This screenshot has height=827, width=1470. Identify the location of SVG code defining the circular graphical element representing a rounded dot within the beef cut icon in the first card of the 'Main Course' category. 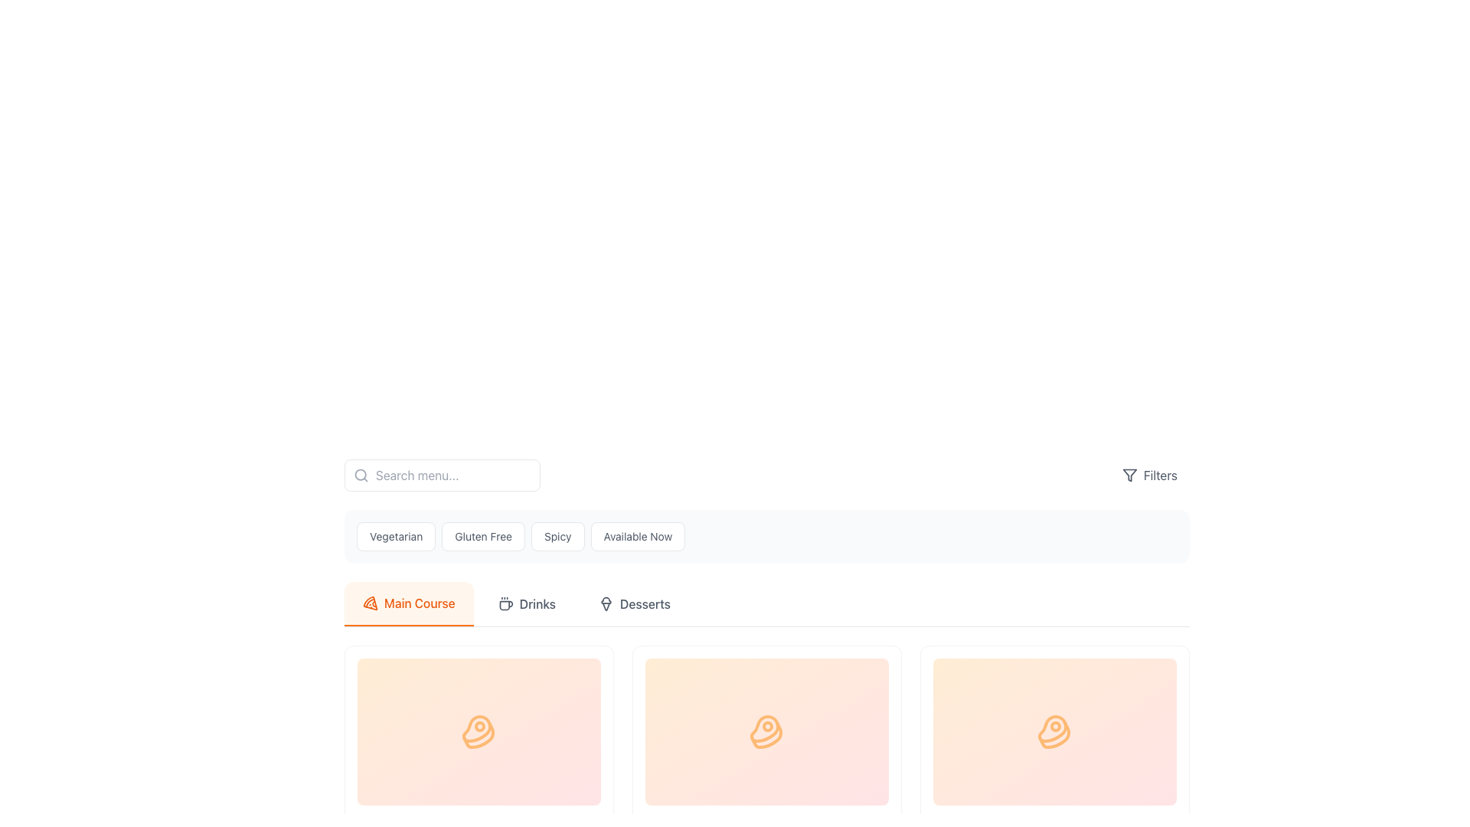
(479, 725).